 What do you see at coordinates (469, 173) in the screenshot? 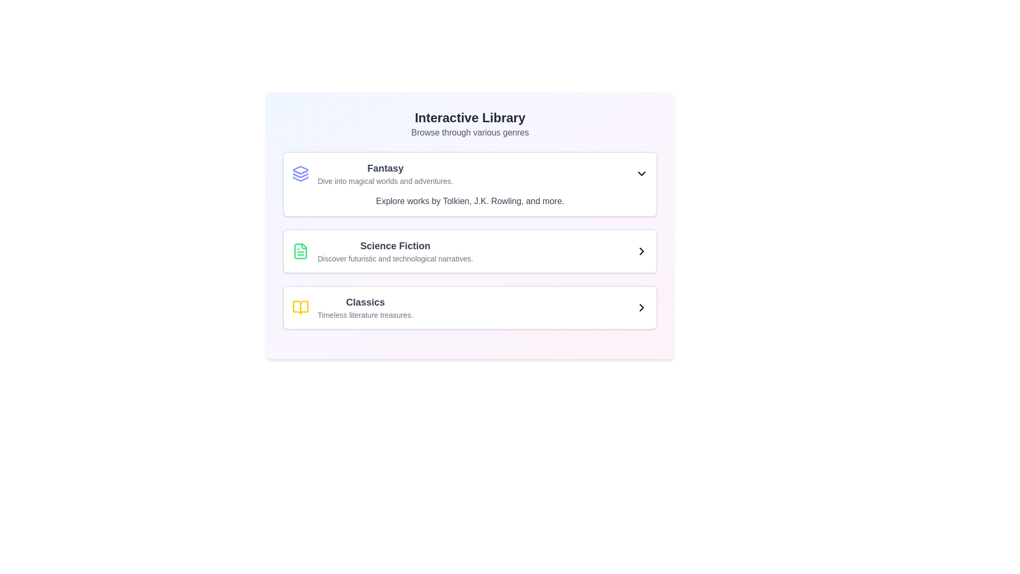
I see `the chevron on the 'Fantasy' genre option` at bounding box center [469, 173].